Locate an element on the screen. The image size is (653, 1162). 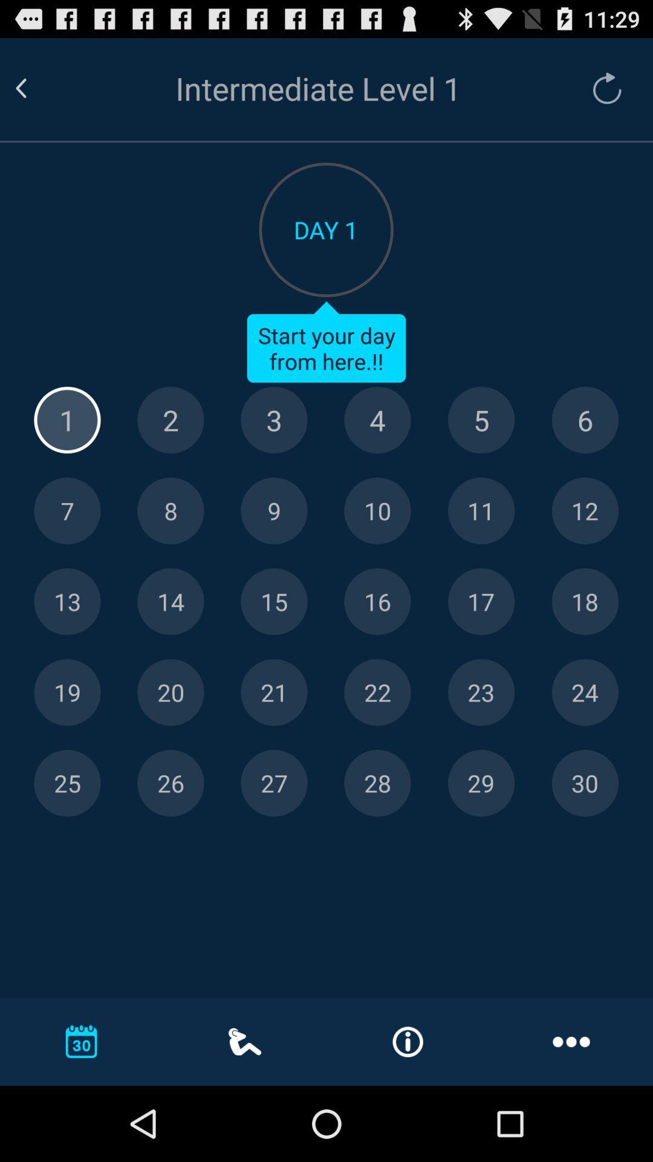
day is located at coordinates (274, 602).